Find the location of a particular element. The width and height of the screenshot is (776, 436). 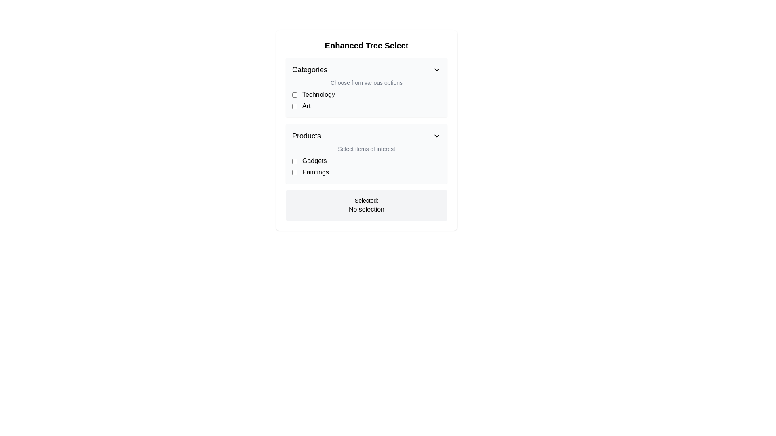

the 'Categories' section of the Form that includes checkboxes for 'Technology' and 'Art' is located at coordinates (366, 87).